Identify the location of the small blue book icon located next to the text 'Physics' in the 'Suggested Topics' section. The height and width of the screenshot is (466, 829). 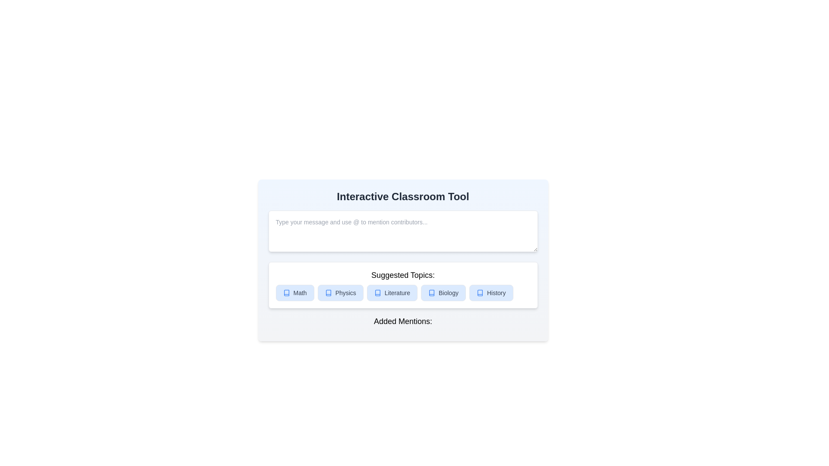
(328, 292).